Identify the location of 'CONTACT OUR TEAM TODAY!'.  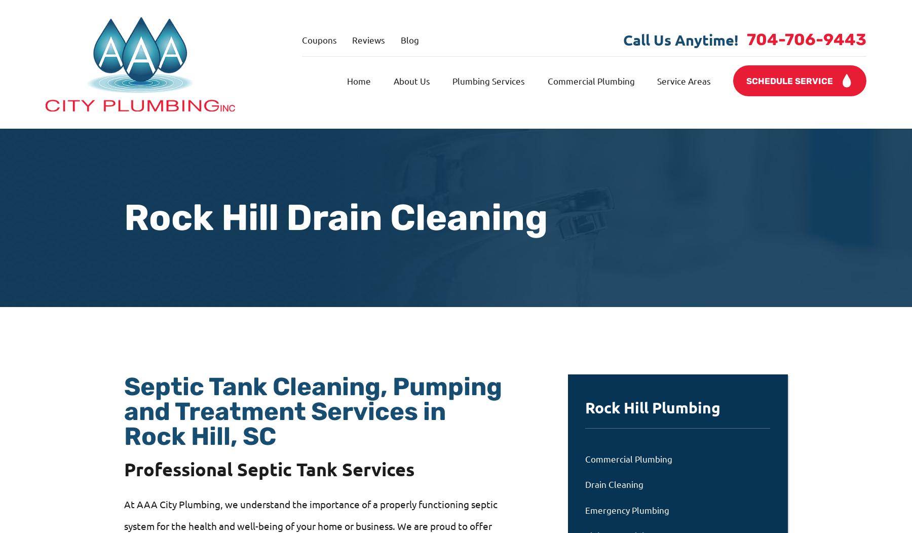
(275, 380).